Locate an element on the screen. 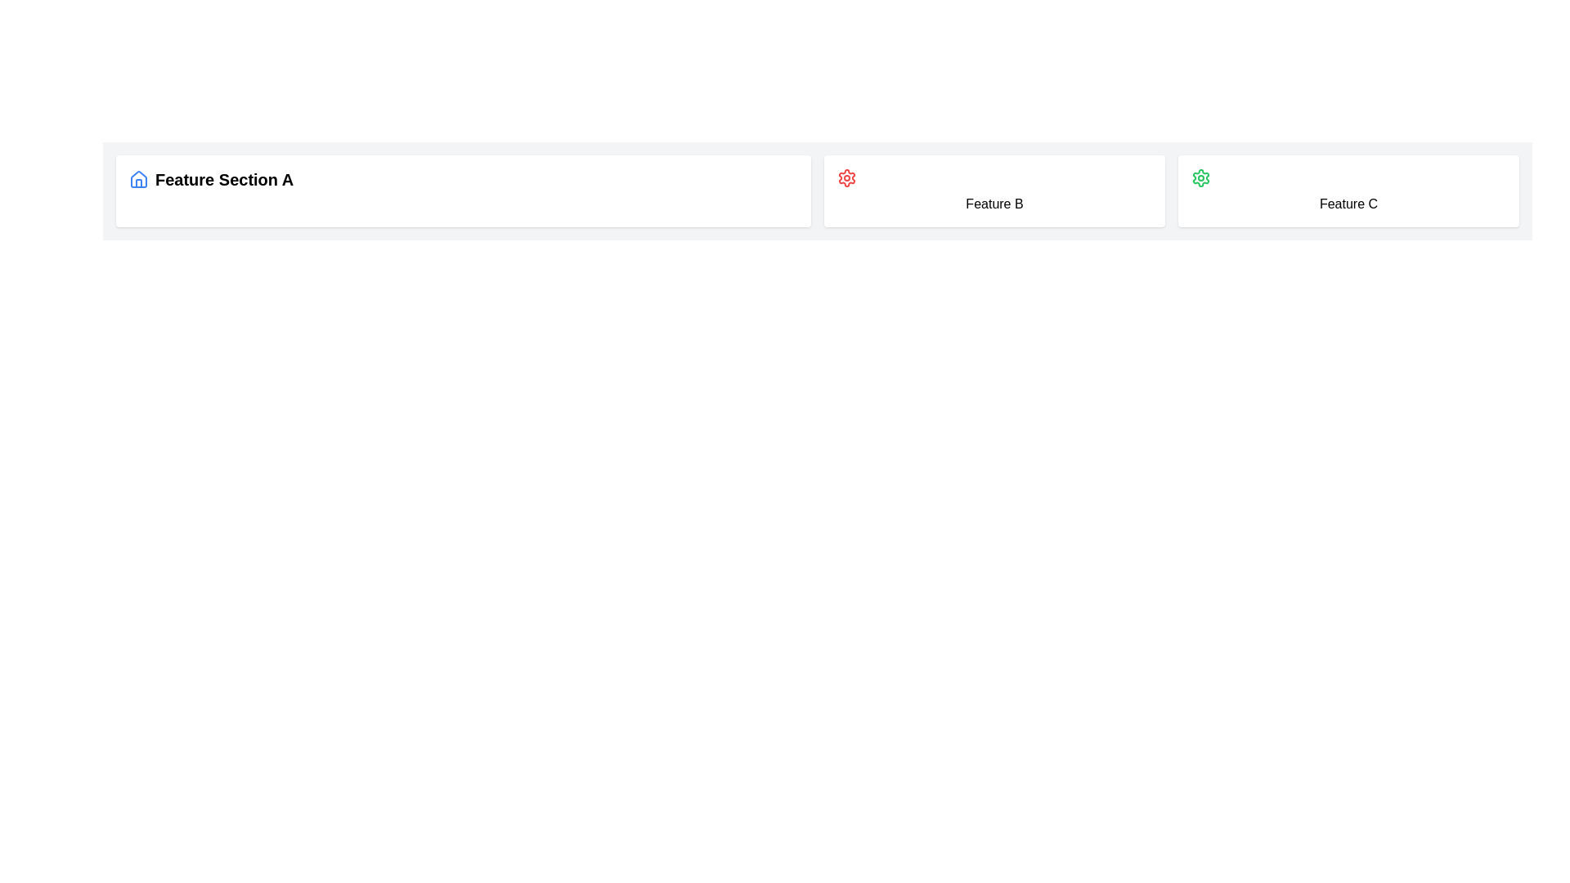 The width and height of the screenshot is (1570, 883). the blue house-shaped icon with a stroke outline, located adjacent to the text 'Feature Section A' is located at coordinates (138, 179).